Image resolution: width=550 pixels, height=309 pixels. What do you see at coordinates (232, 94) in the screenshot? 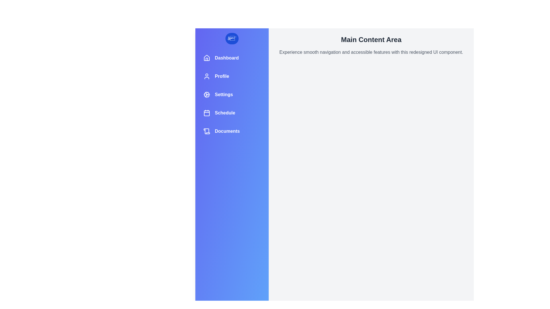
I see `the navigation item labeled Settings` at bounding box center [232, 94].